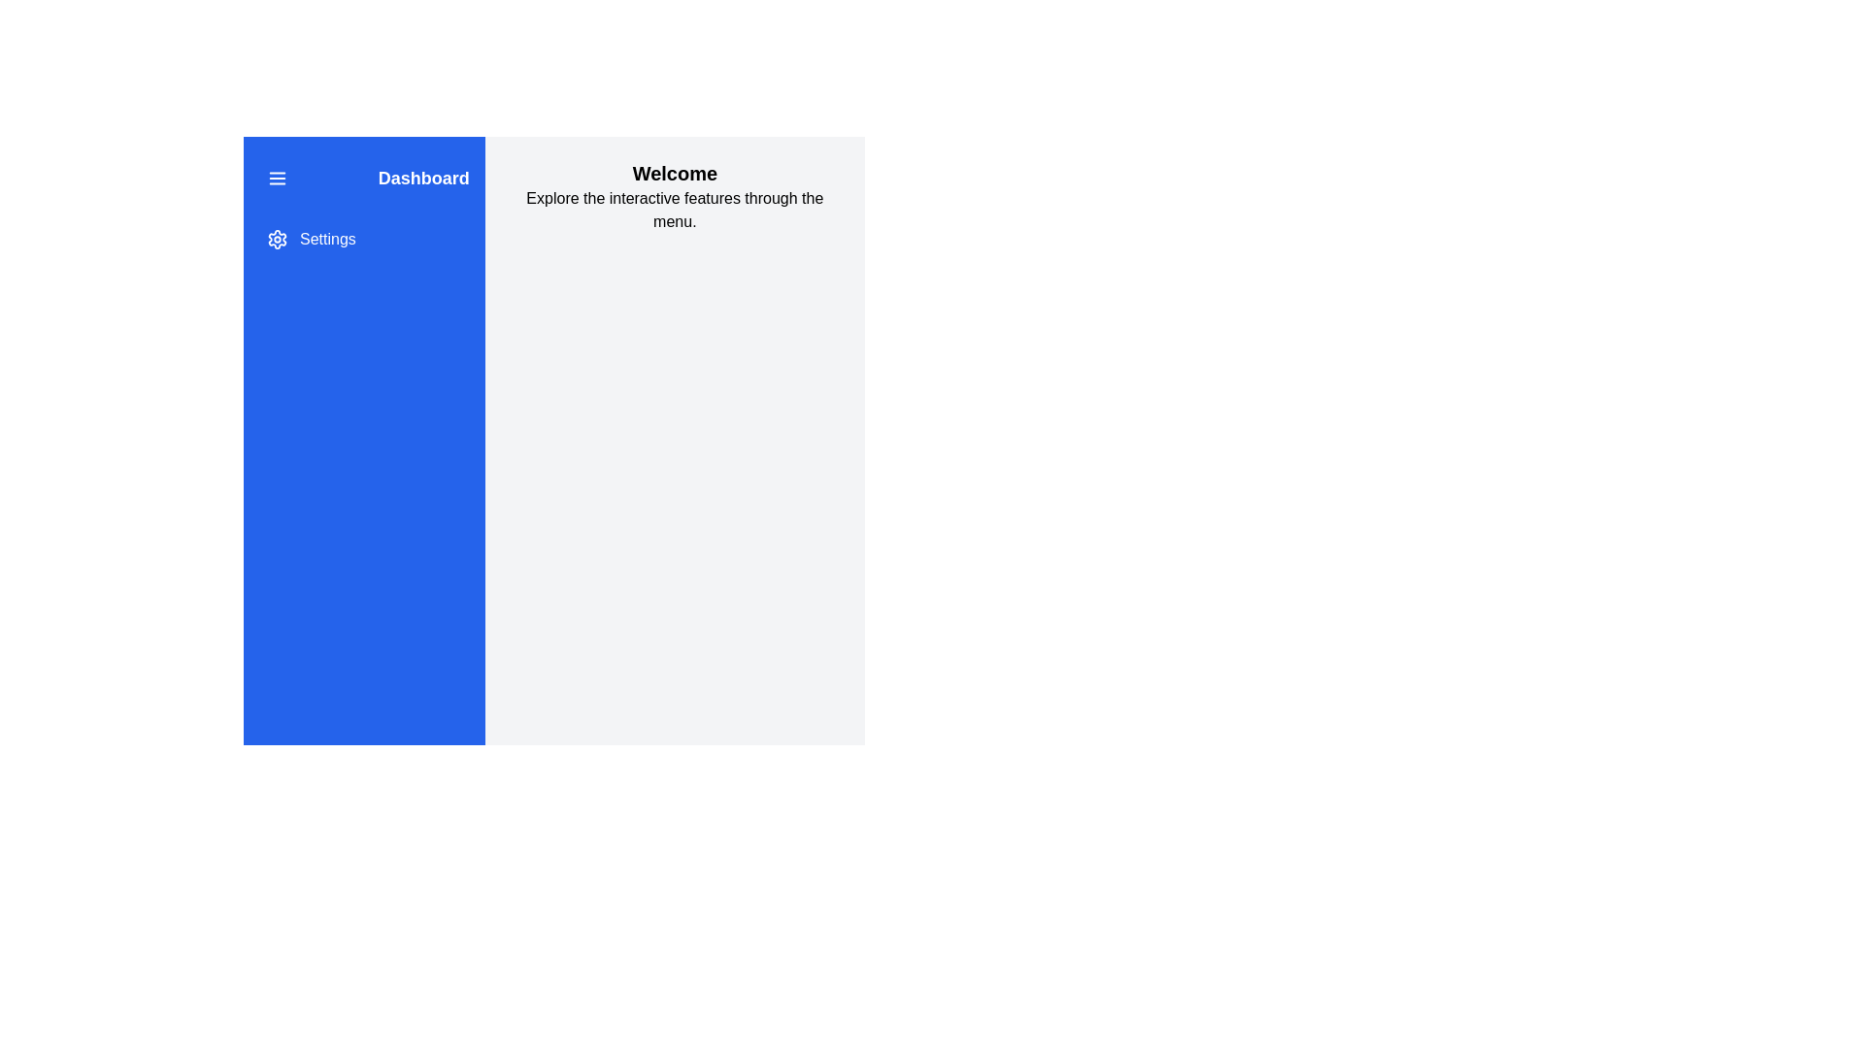 Image resolution: width=1864 pixels, height=1048 pixels. What do you see at coordinates (364, 179) in the screenshot?
I see `the Text Display Element located in the upper section of the sidebar menu, to the right of the hamburger menu icon, for accessibility purposes` at bounding box center [364, 179].